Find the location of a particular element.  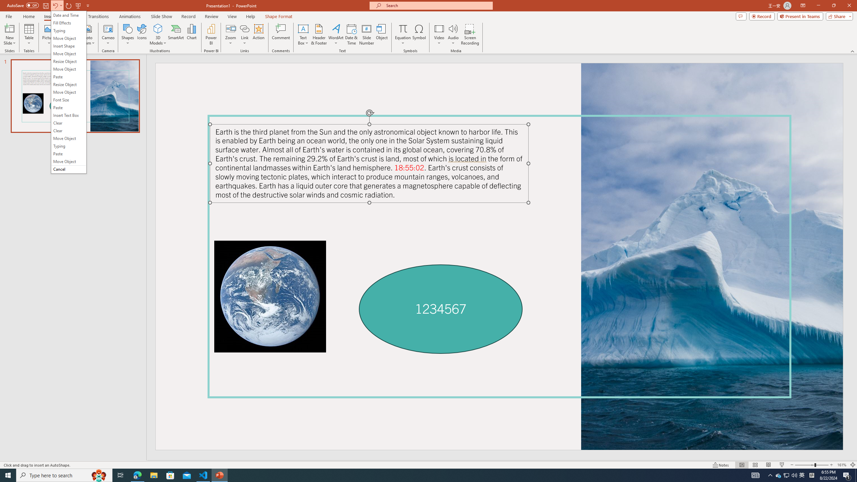

'Collapse the Ribbon' is located at coordinates (853, 51).